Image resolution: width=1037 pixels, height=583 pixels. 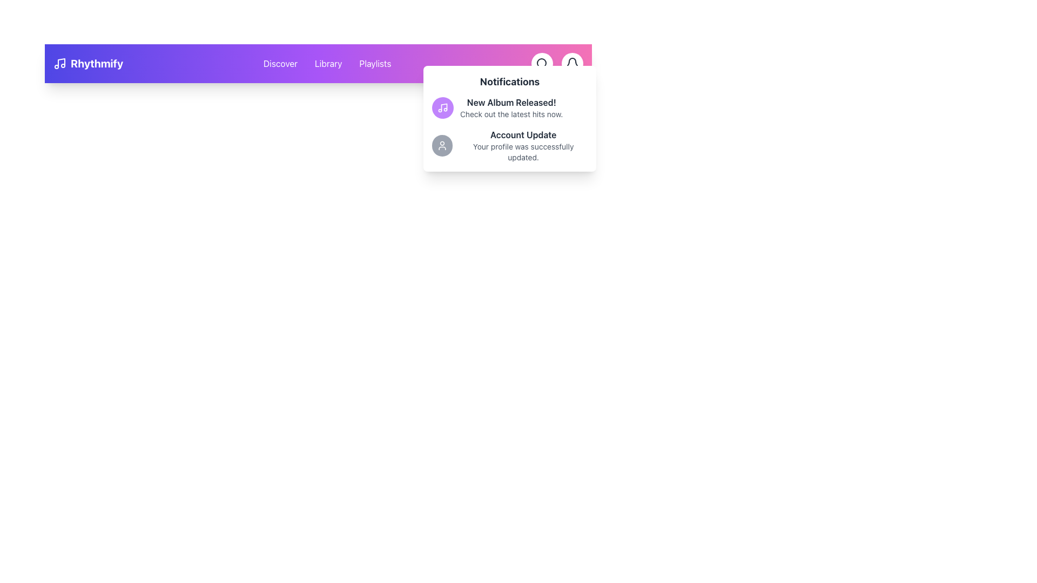 What do you see at coordinates (509, 81) in the screenshot?
I see `the 'Notifications' text label, which is styled in bold, dark gray, and located at the top center of the notification panel` at bounding box center [509, 81].